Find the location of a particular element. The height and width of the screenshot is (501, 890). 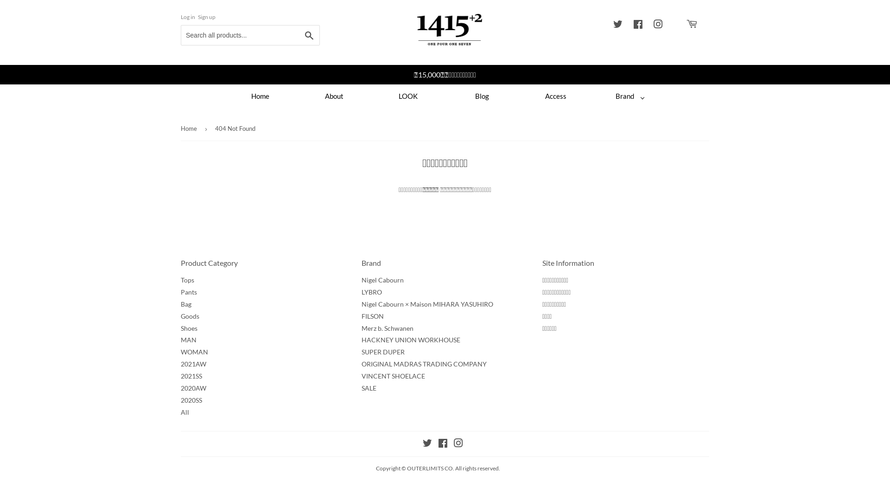

'ORIGINAL MADRAS TRADING COMPANY' is located at coordinates (424, 363).